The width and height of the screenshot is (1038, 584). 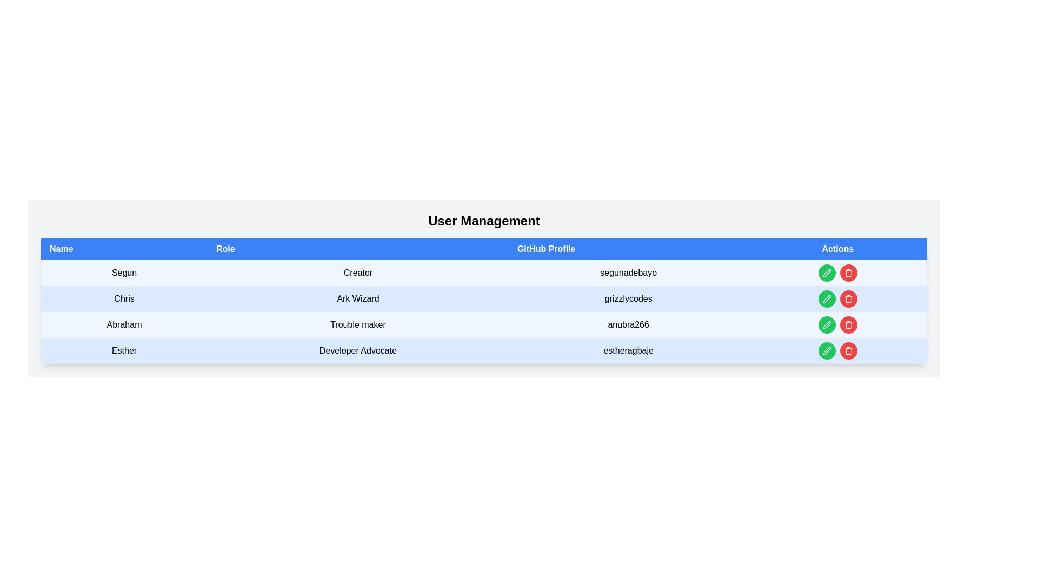 What do you see at coordinates (826, 298) in the screenshot?
I see `the edit button with a green background in the Actions column corresponding to the user named Chris` at bounding box center [826, 298].